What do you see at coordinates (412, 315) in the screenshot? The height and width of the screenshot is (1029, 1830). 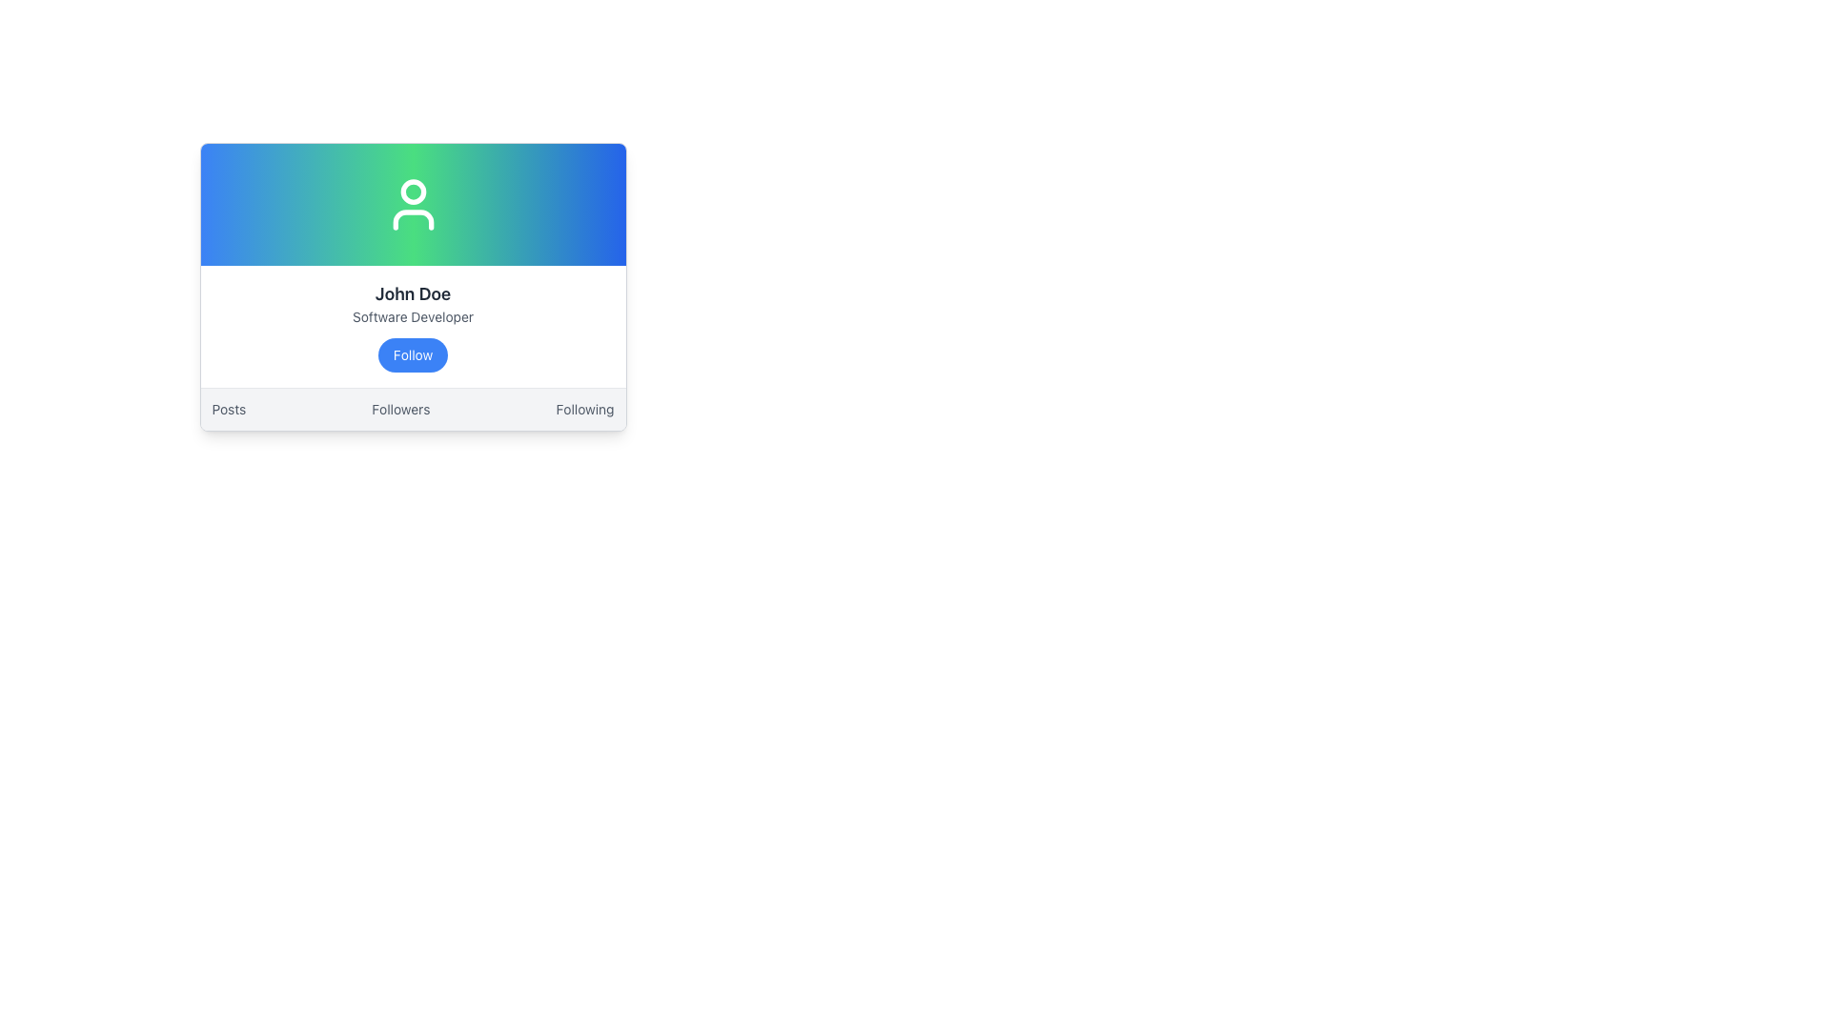 I see `the text label displaying 'Software Developer', which is located below the name 'John Doe' and above the blue 'Follow' button in the user card interface` at bounding box center [412, 315].